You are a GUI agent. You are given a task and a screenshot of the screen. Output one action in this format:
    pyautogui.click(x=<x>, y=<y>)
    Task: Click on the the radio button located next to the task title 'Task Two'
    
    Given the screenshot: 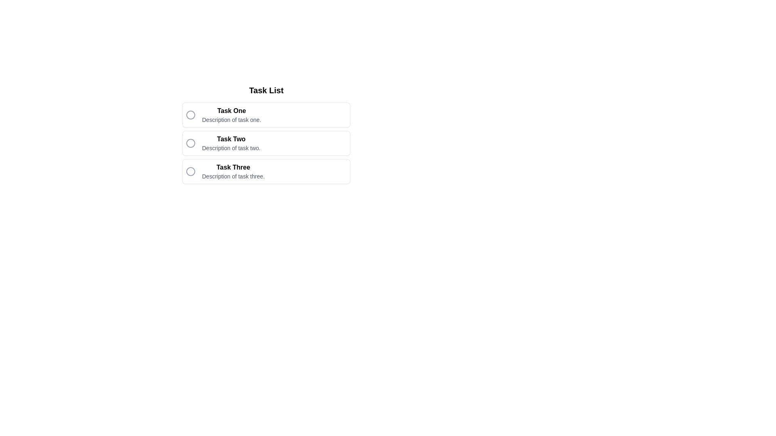 What is the action you would take?
    pyautogui.click(x=190, y=143)
    